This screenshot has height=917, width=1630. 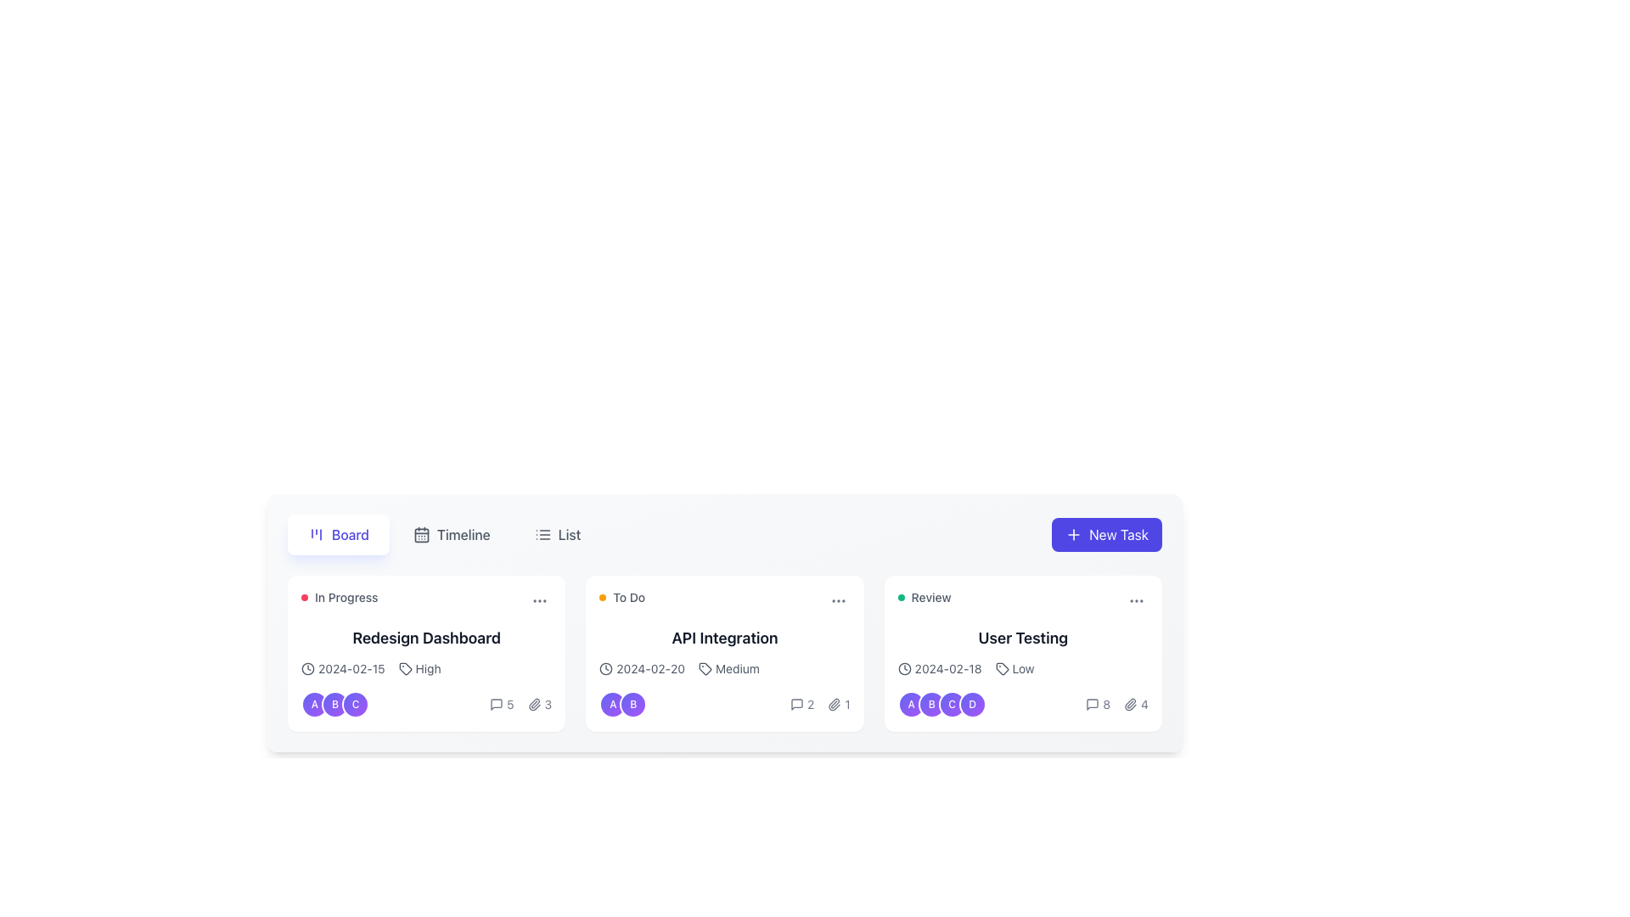 I want to click on the composite display element showing the date '2024-02-15' and the priority tag 'High', so click(x=426, y=667).